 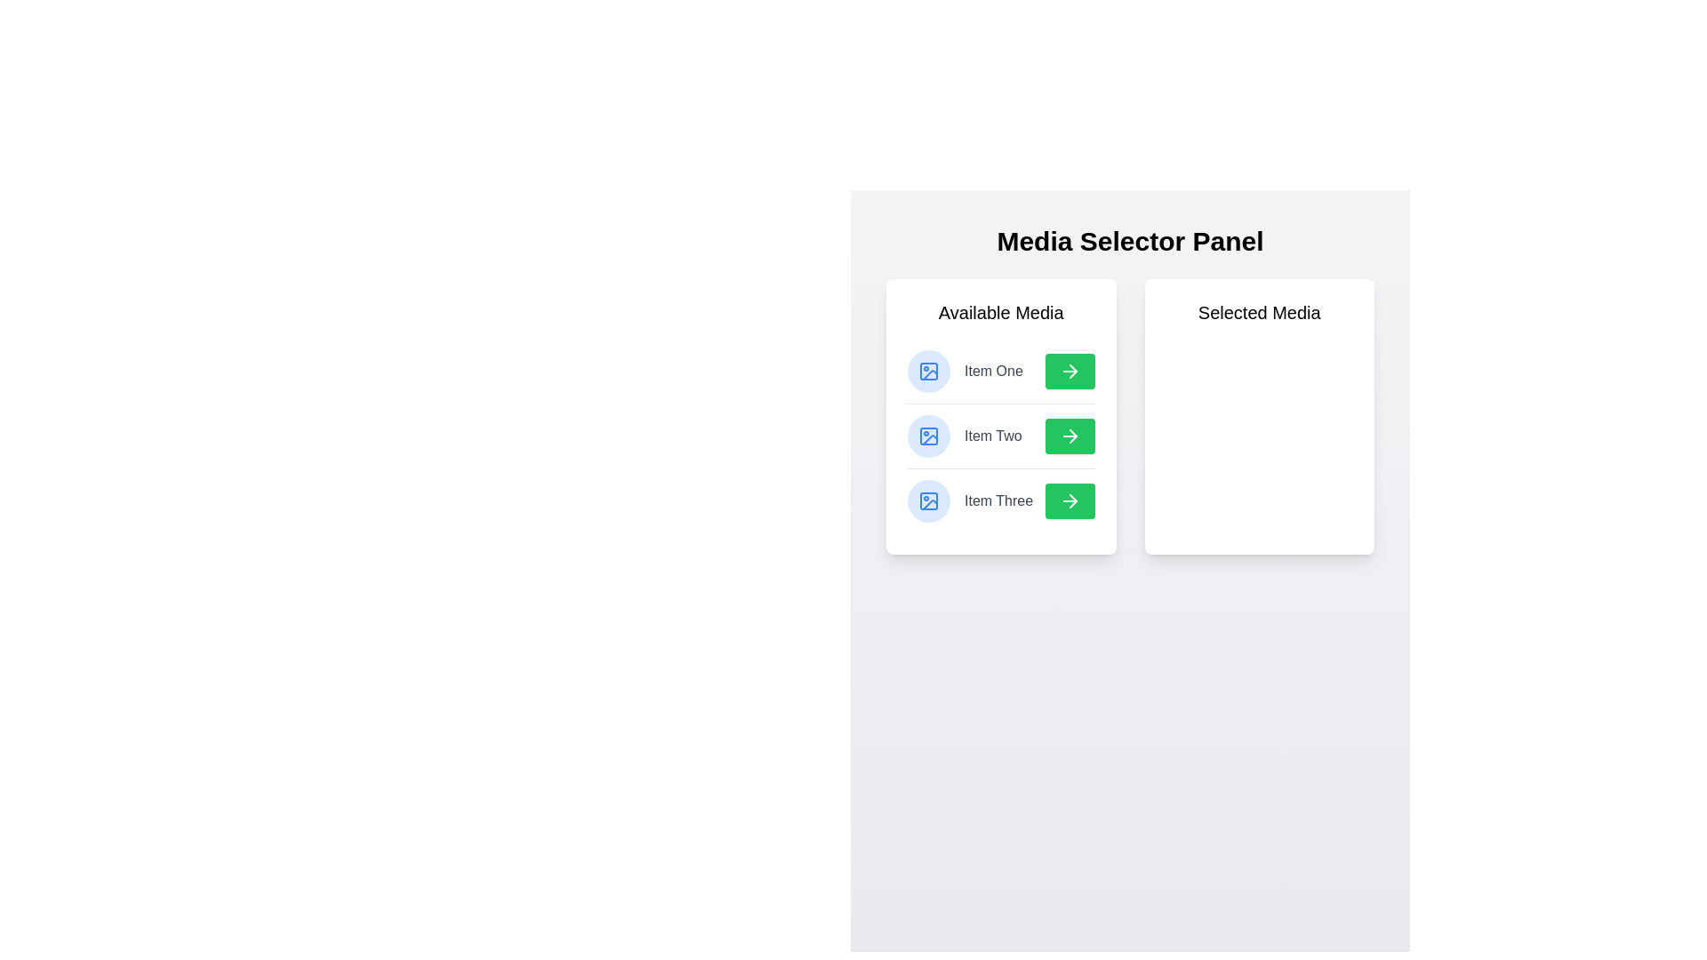 What do you see at coordinates (1069, 500) in the screenshot?
I see `the green rectangular button with a white right arrow inside, located in the 'Available Media' panel under 'Item Three'` at bounding box center [1069, 500].